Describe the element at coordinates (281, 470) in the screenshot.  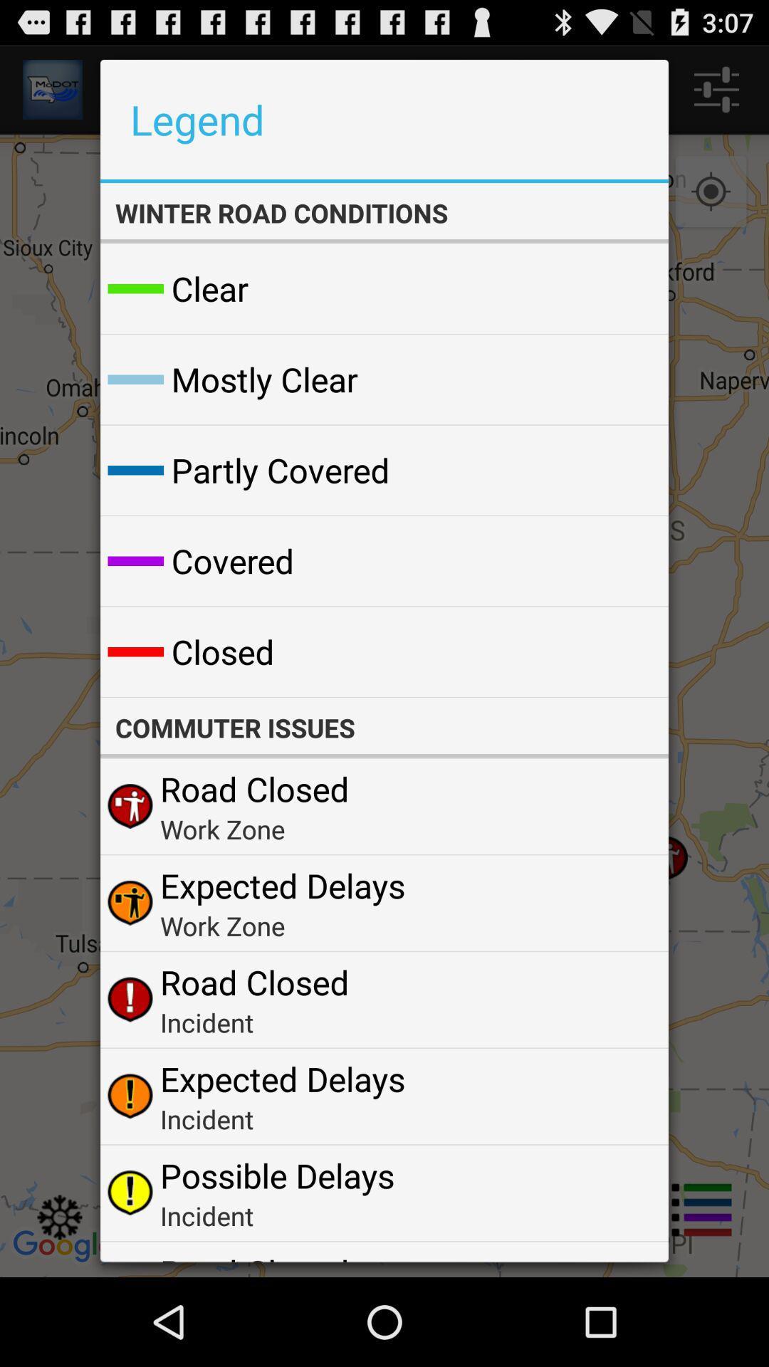
I see `app below mostly clear icon` at that location.